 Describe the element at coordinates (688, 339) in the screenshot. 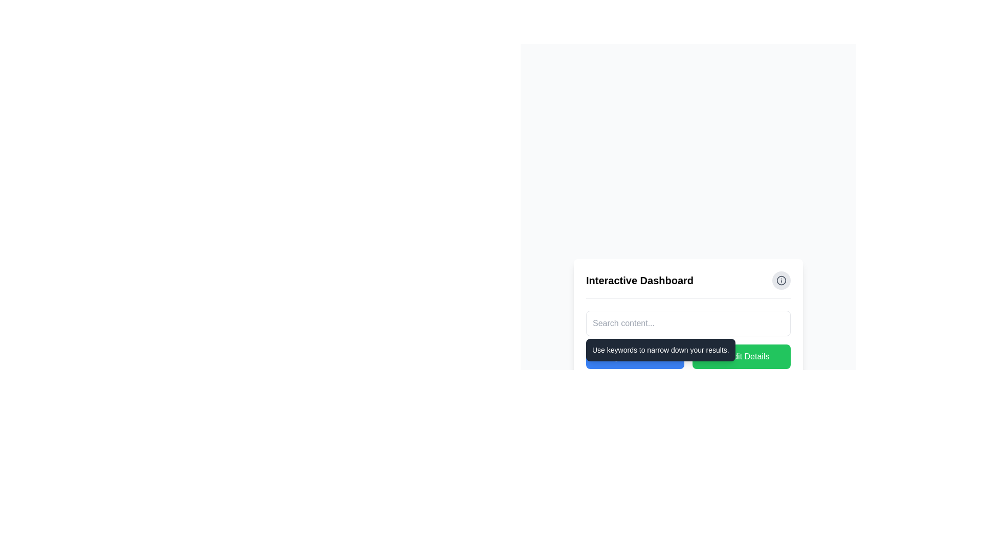

I see `the tooltip that displays 'Use keywords to narrow down your results.' It is styled with a black background and white text, positioned above the 'Add Data' and 'Edit Details' buttons in the Interactive Dashboard section` at that location.